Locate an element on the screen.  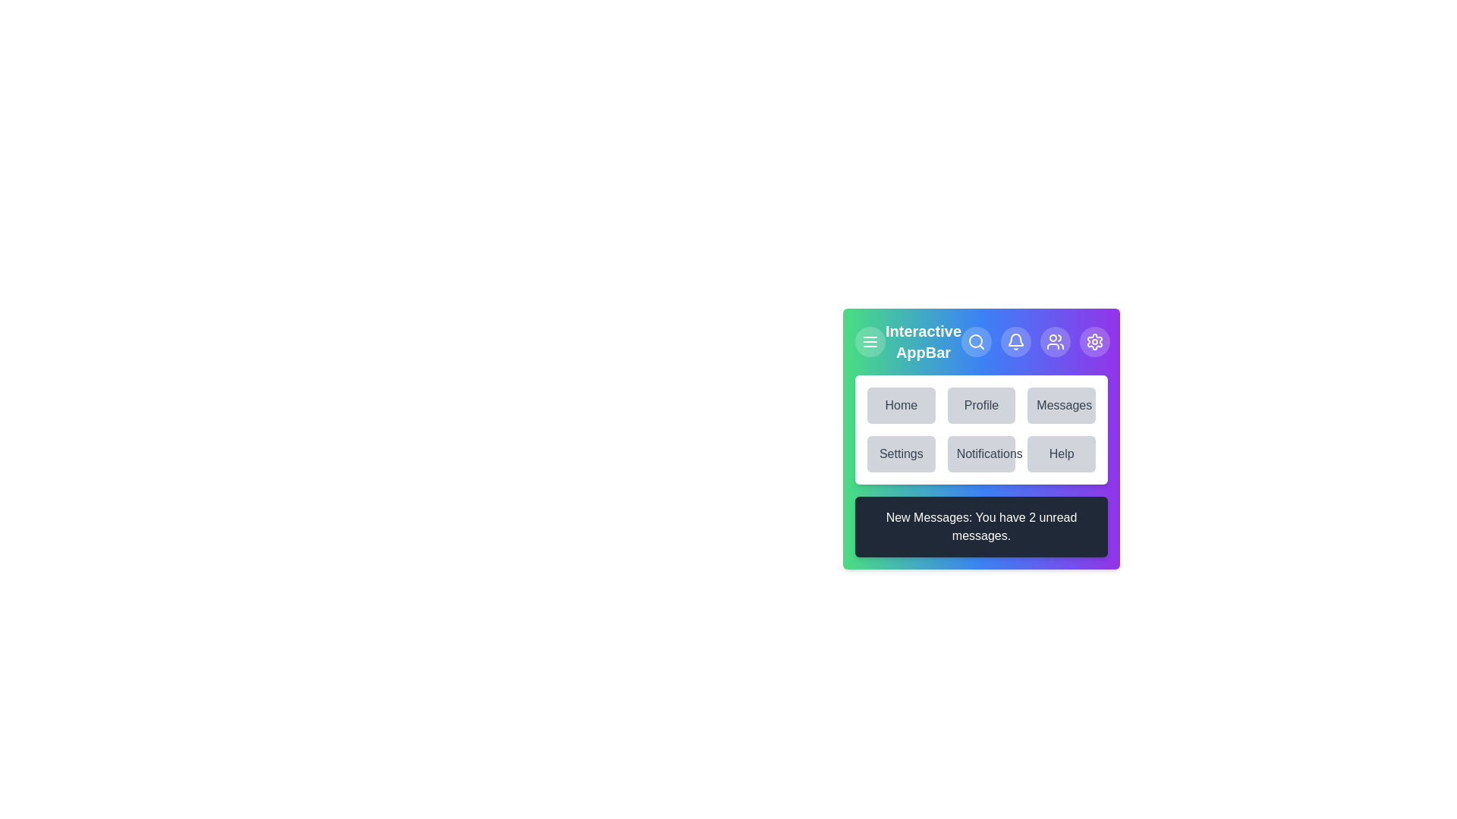
the menu item labeled Messages to navigate is located at coordinates (1061, 405).